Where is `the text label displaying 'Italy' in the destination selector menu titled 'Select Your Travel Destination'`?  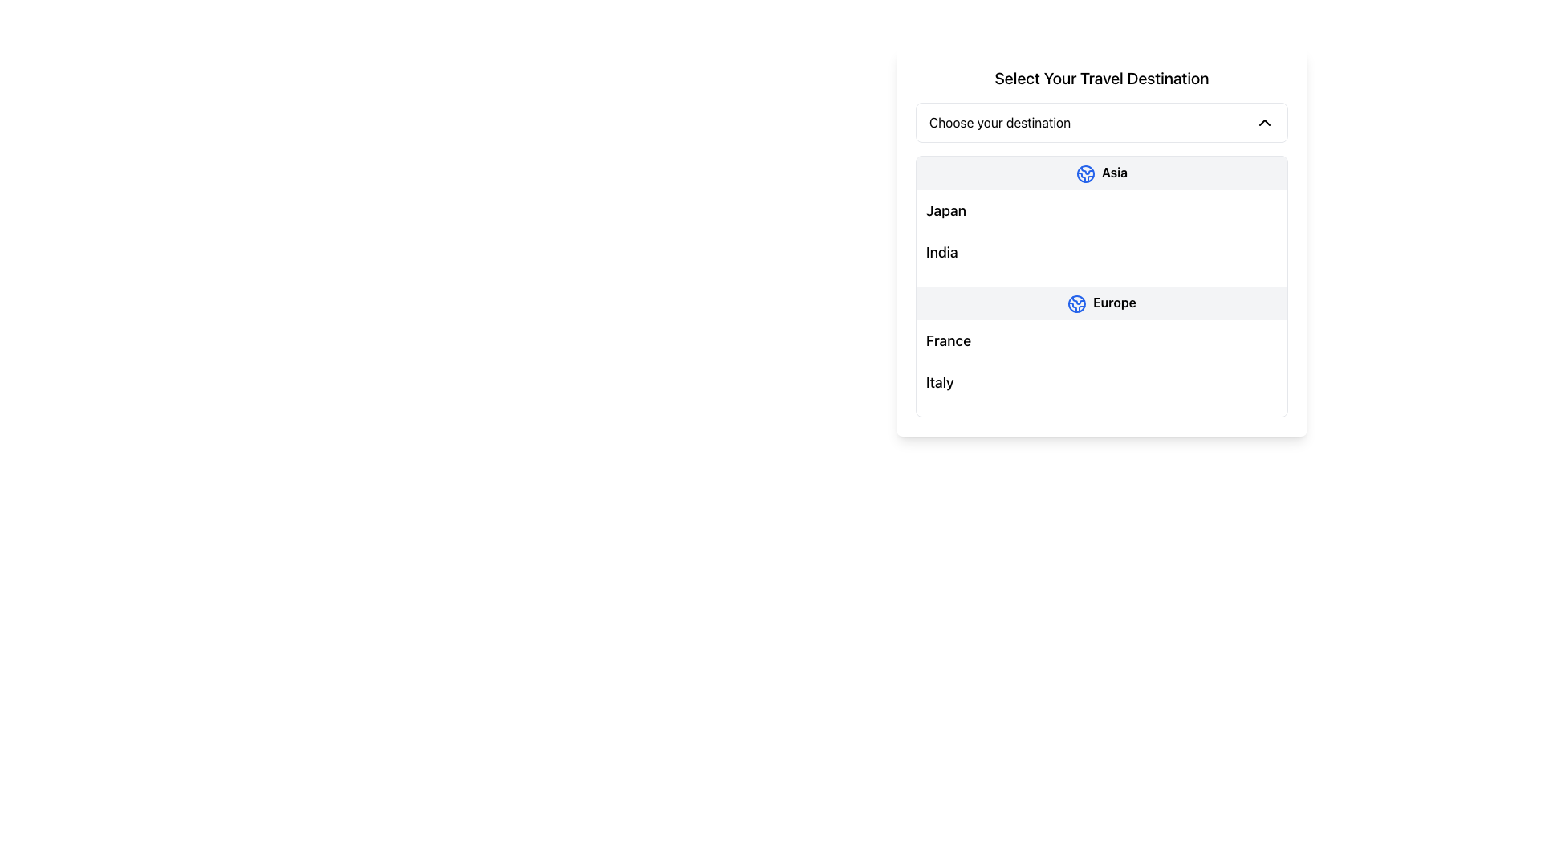 the text label displaying 'Italy' in the destination selector menu titled 'Select Your Travel Destination' is located at coordinates (940, 382).